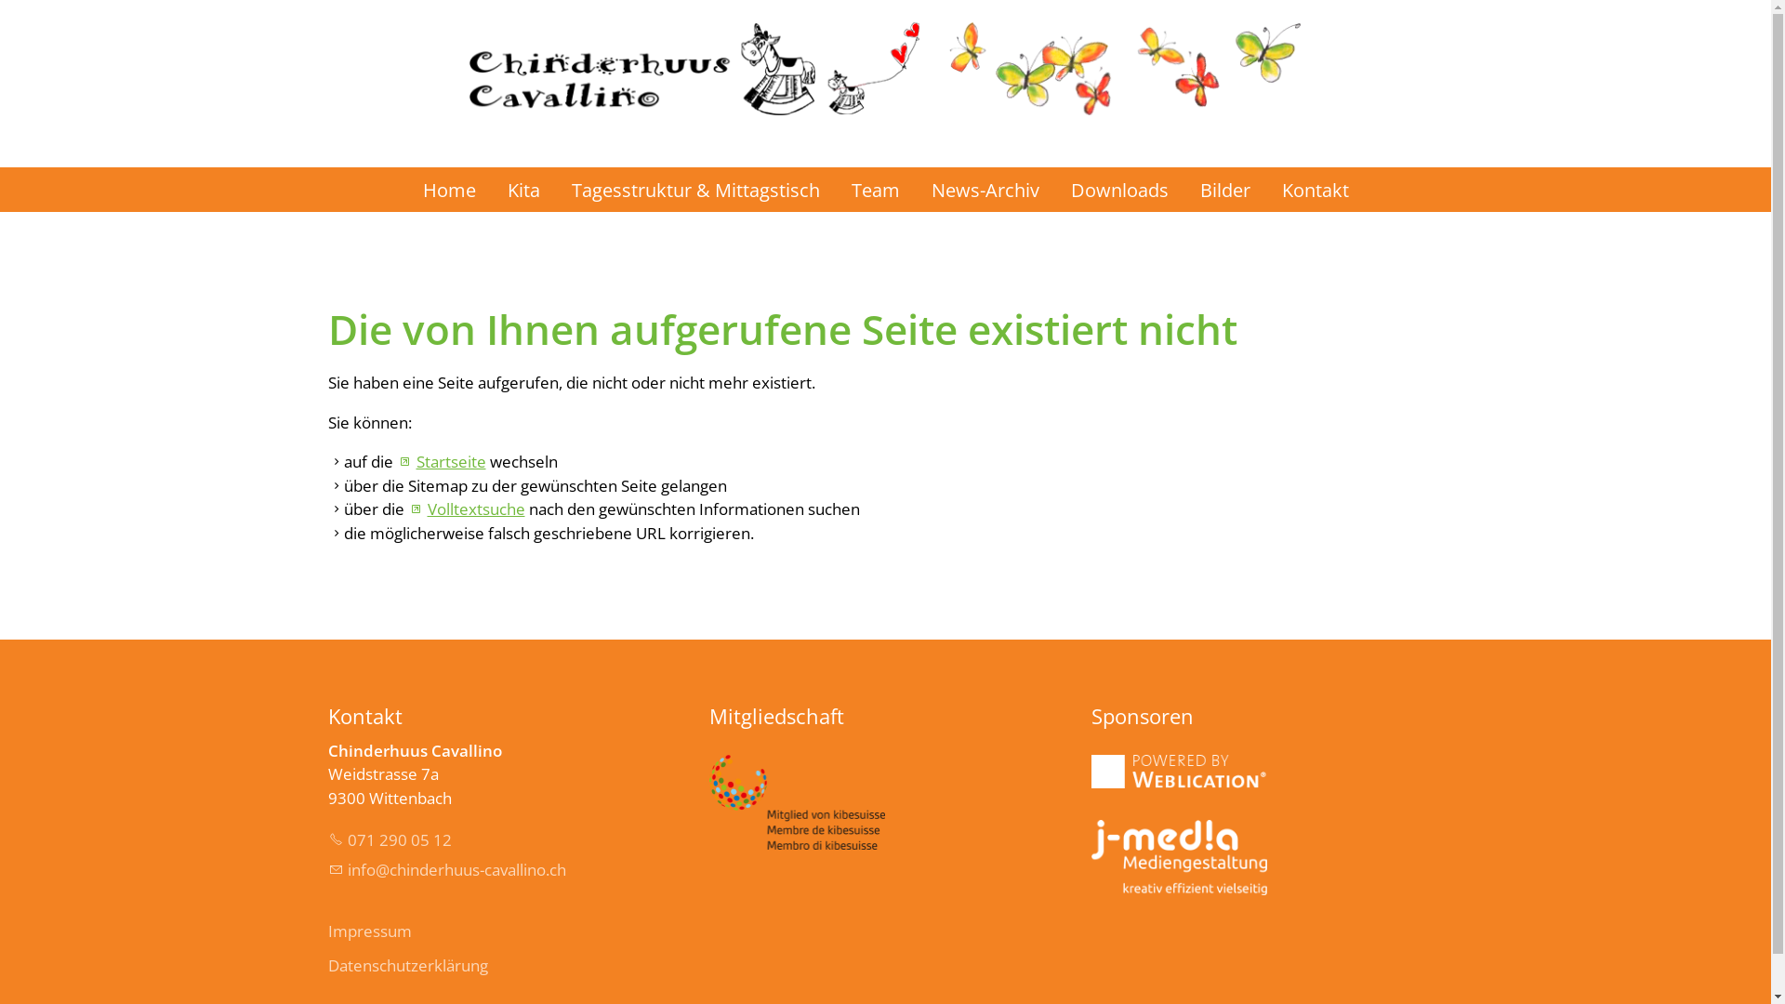  What do you see at coordinates (446, 869) in the screenshot?
I see `'nfchndrhs-cvllnch'` at bounding box center [446, 869].